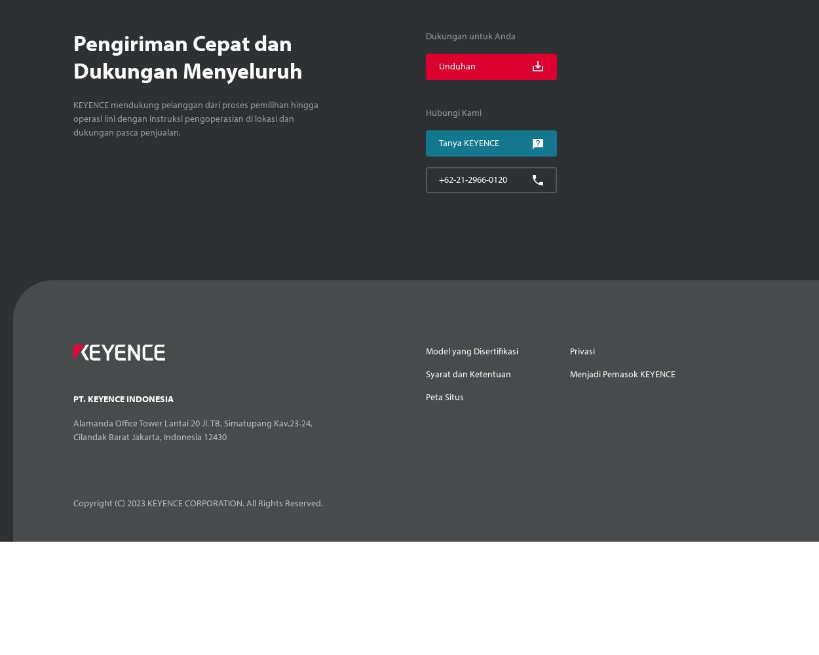  Describe the element at coordinates (582, 351) in the screenshot. I see `'Privasi'` at that location.